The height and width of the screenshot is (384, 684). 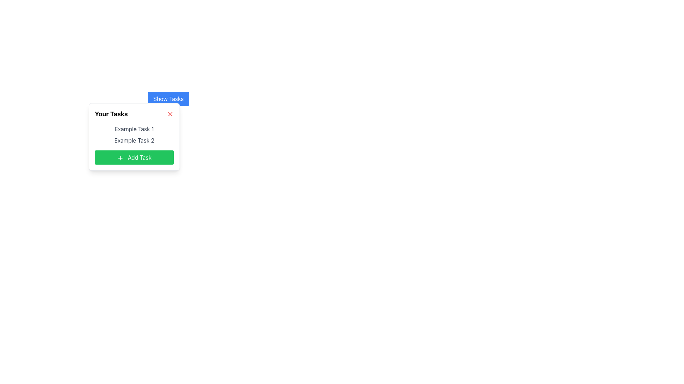 I want to click on the button with a blue background and white text reading 'Show Tasks' to observe the hover effect, so click(x=168, y=98).